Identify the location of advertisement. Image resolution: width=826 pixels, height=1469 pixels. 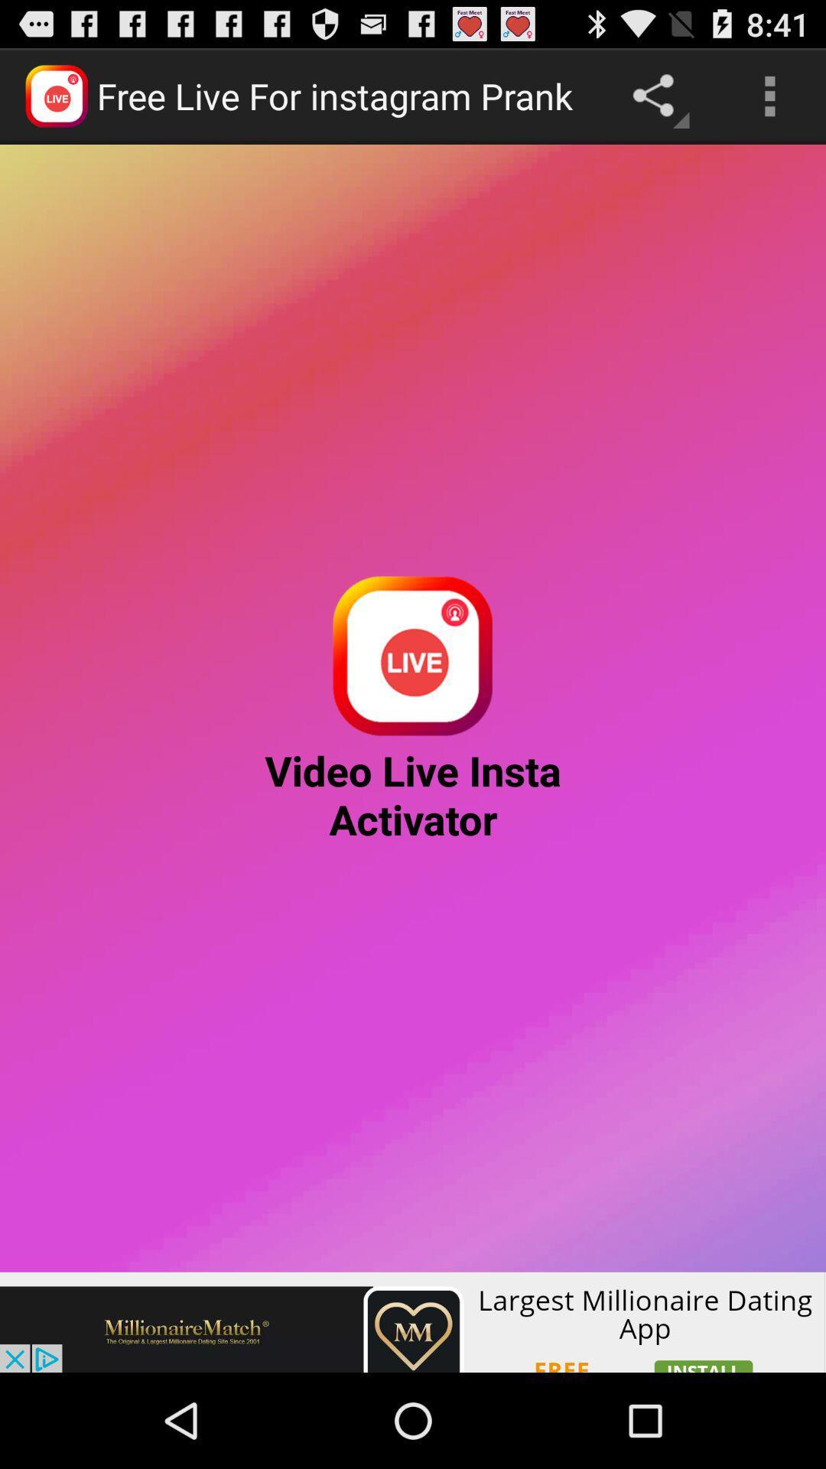
(413, 1321).